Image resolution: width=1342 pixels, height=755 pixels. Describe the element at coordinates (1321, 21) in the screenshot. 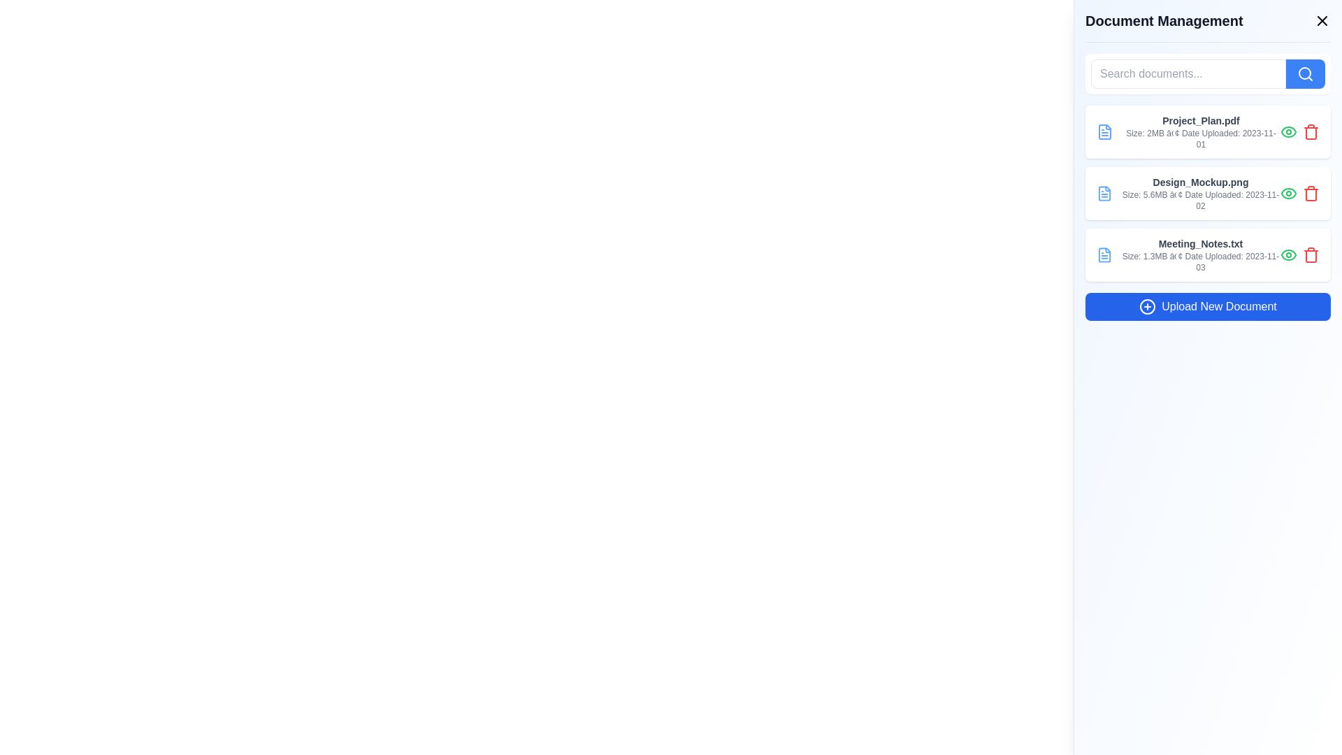

I see `the 'Close' button located at the far right side of the 'Document Management' panel to change its color` at that location.